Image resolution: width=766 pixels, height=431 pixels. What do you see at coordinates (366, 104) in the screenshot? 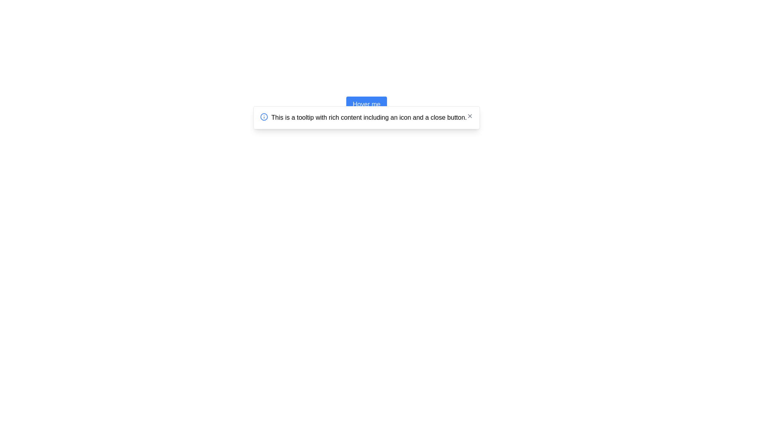
I see `information displayed in the tooltip that appears below the 'Hover me' button, which has a blue background and contains additional content including text and an icon` at bounding box center [366, 104].